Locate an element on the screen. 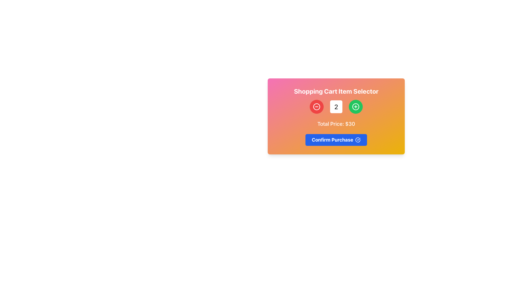 The width and height of the screenshot is (514, 289). the increment button located to the right of the numeric display ('2') to increment the counter is located at coordinates (356, 107).